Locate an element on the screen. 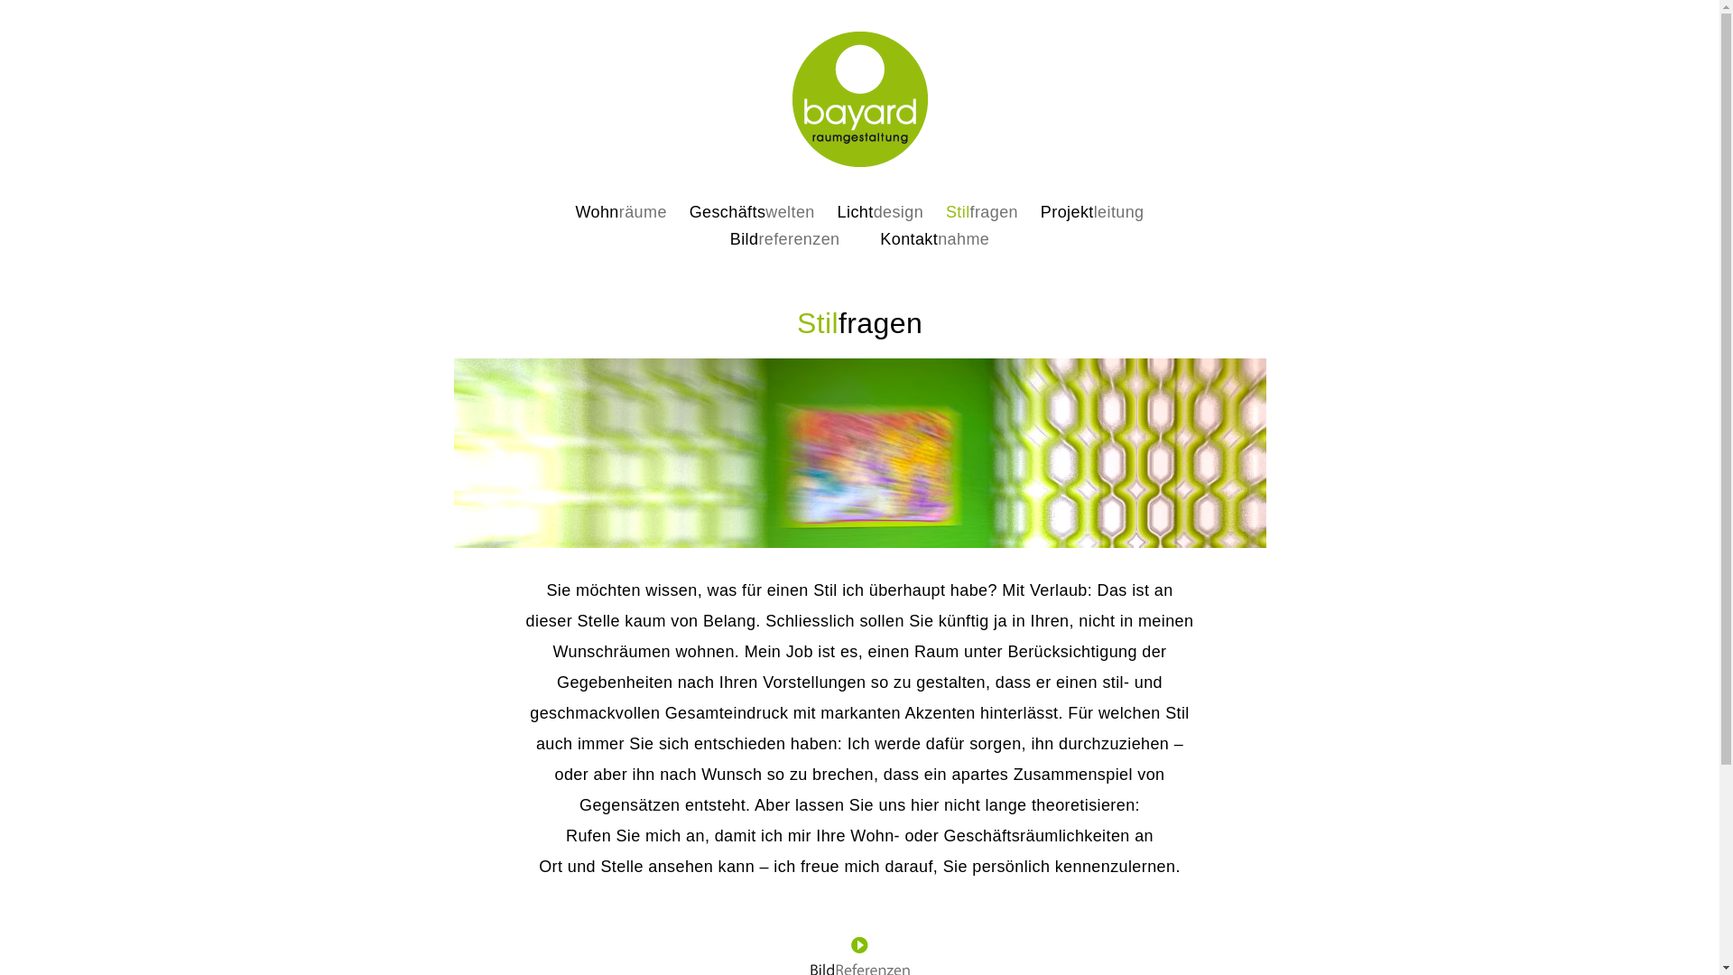 This screenshot has height=975, width=1733. 'Bildreferenzen' is located at coordinates (784, 238).